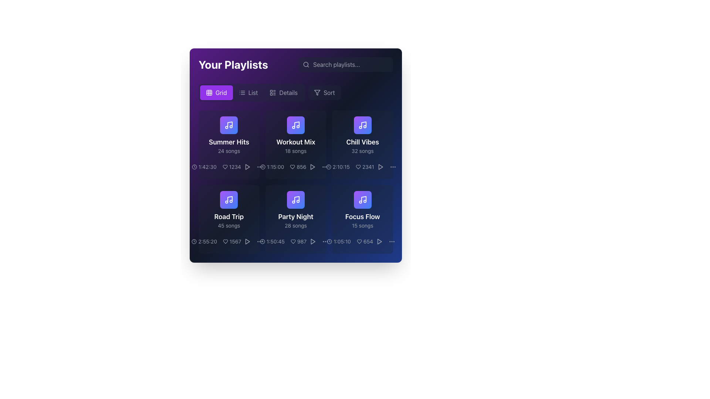  I want to click on the horizontal ellipsis icon within the button located at the top-right corner of the 'Chill Vibes' playlist card, so click(392, 167).